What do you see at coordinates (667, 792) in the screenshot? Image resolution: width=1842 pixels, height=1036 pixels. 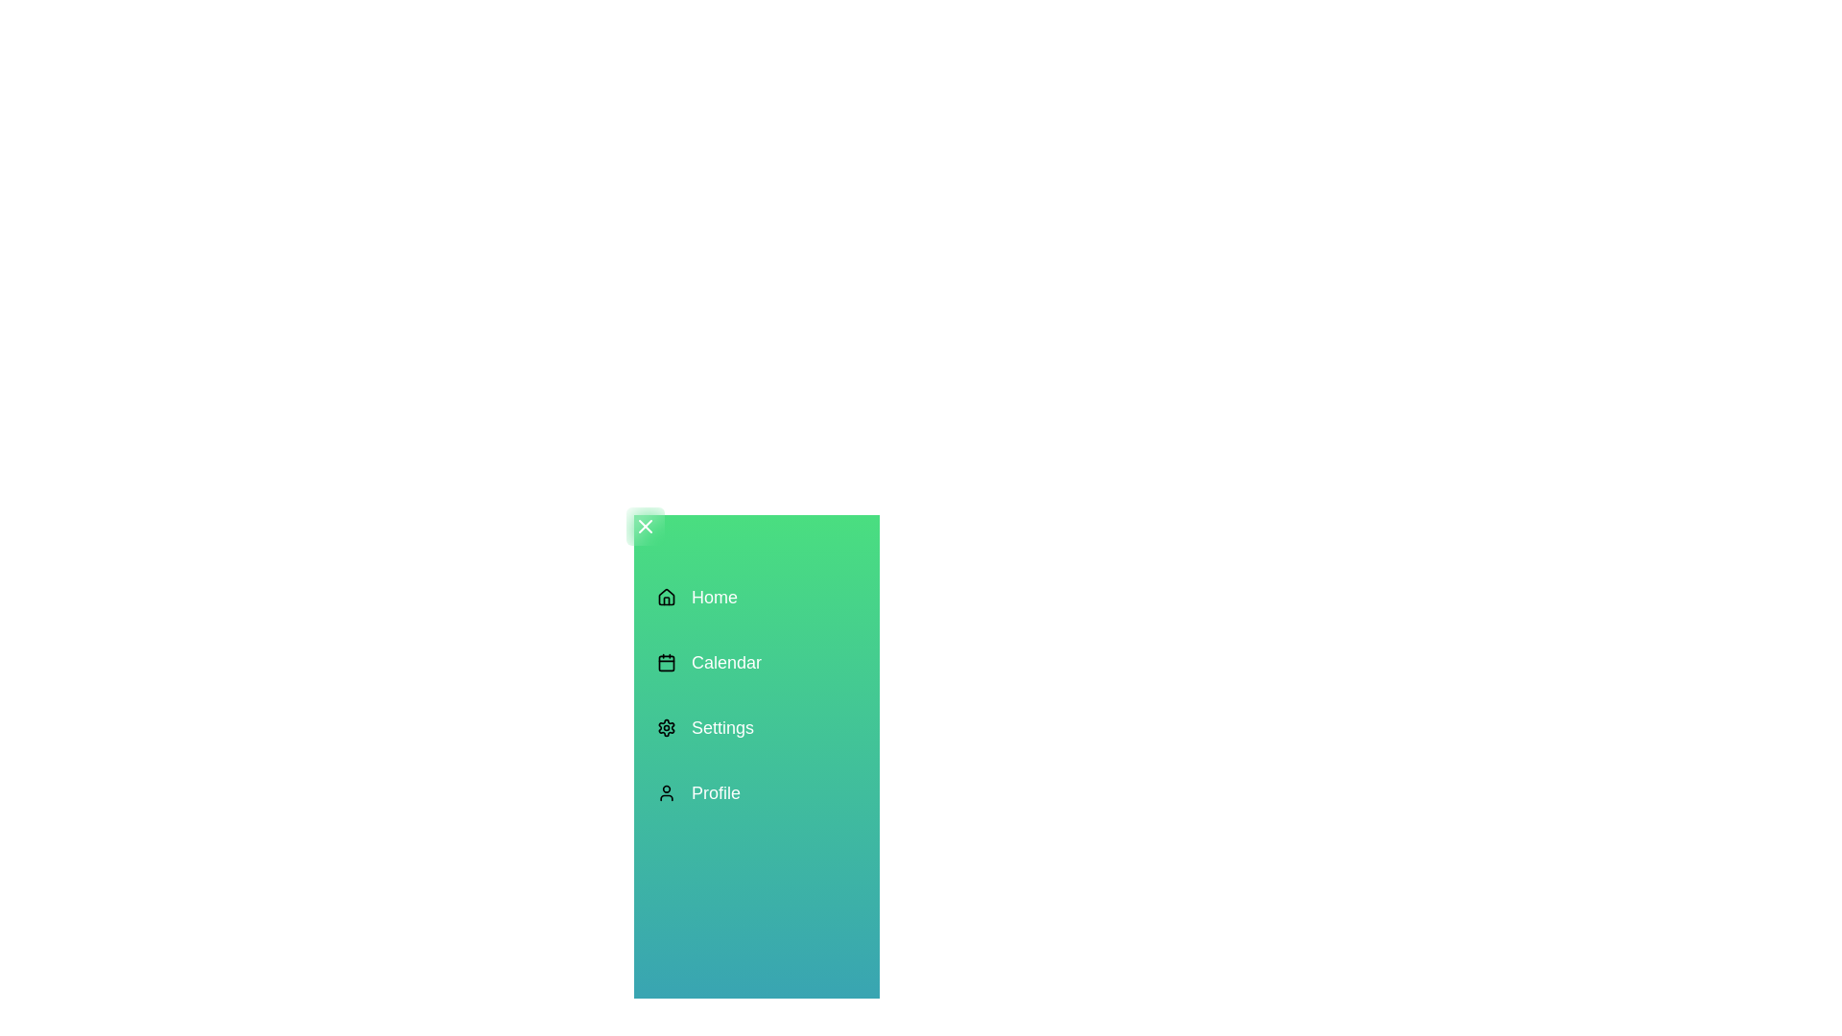 I see `the user profile icon, which is styled as an outline of a person and is located in the left-side menu preceding the 'Profile' text label` at bounding box center [667, 792].